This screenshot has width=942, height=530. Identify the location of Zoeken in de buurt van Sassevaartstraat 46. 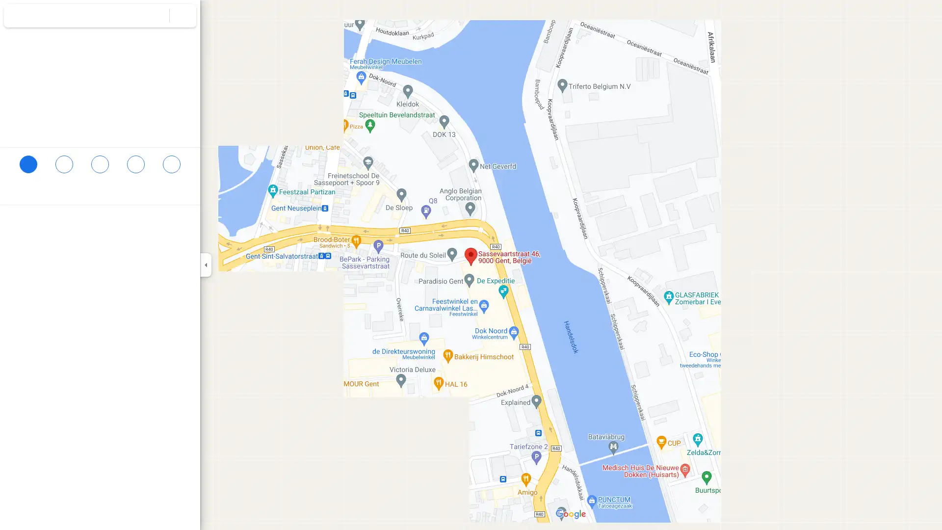
(100, 168).